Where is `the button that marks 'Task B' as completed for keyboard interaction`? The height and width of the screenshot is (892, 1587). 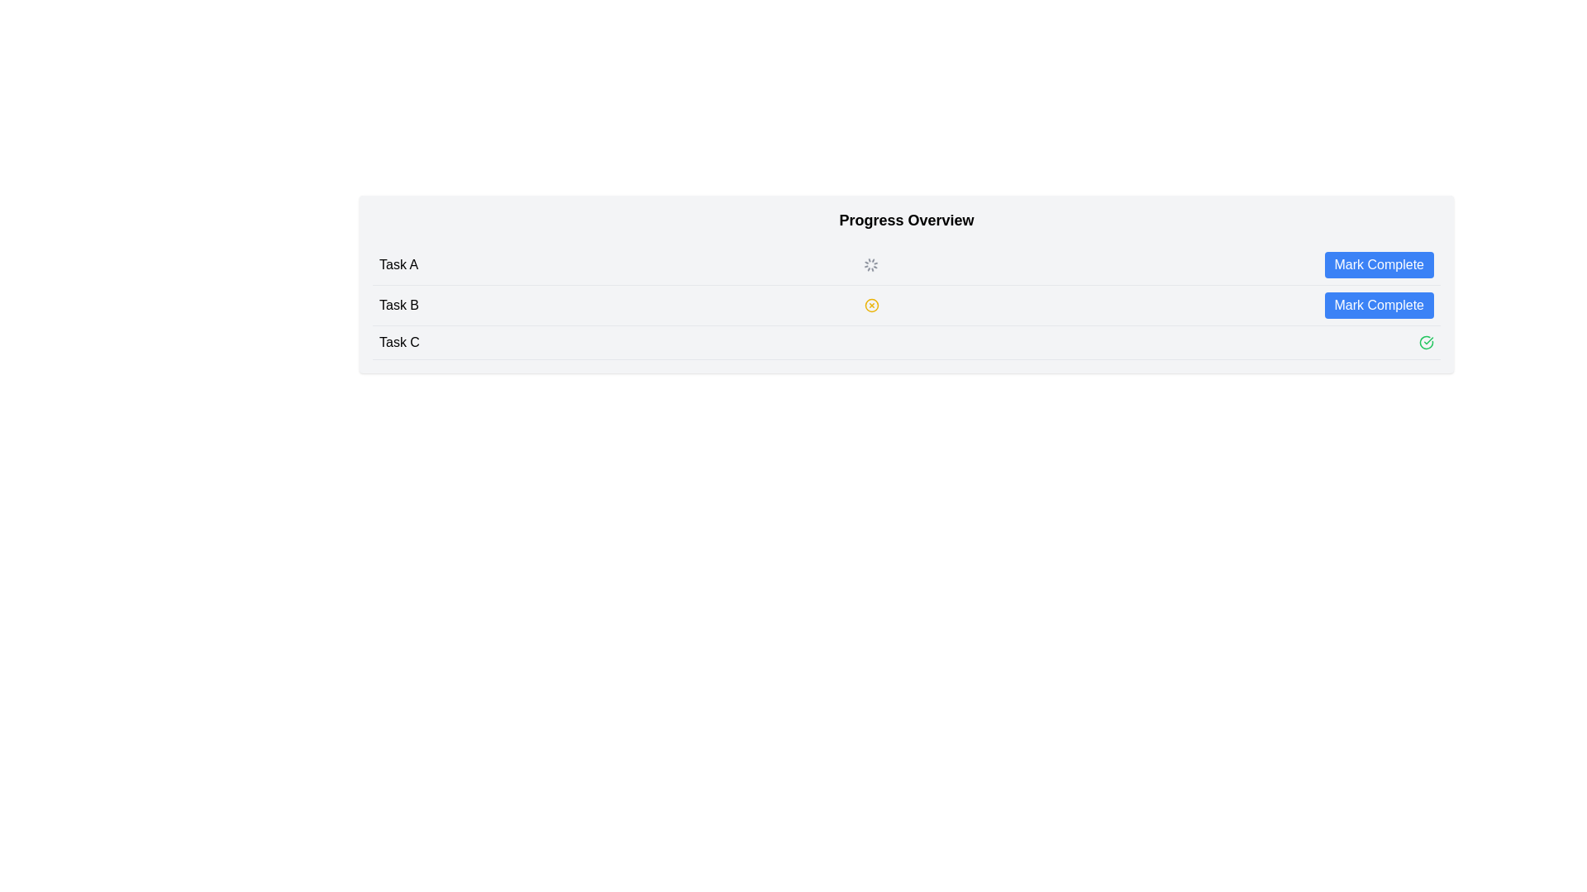
the button that marks 'Task B' as completed for keyboard interaction is located at coordinates (1379, 306).